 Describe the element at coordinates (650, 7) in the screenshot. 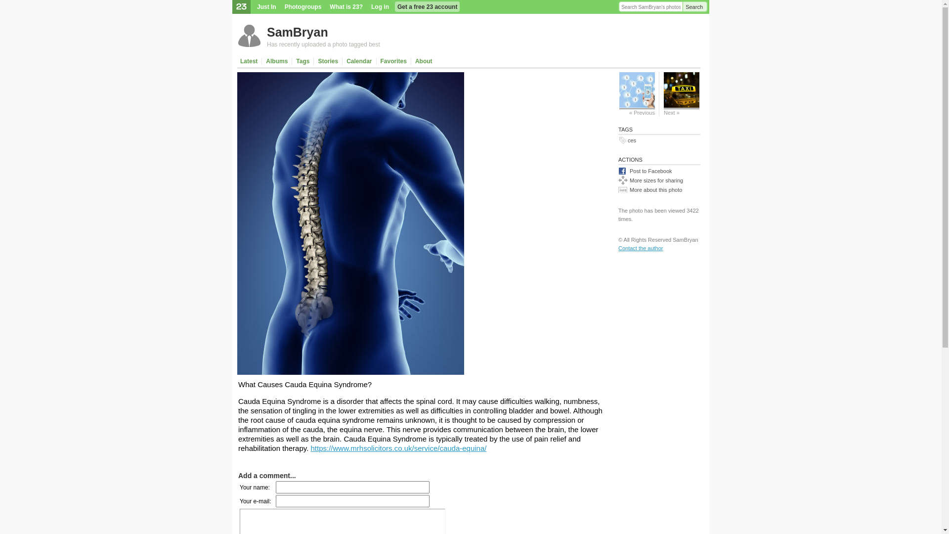

I see `'Search SamBryan's photos'` at that location.